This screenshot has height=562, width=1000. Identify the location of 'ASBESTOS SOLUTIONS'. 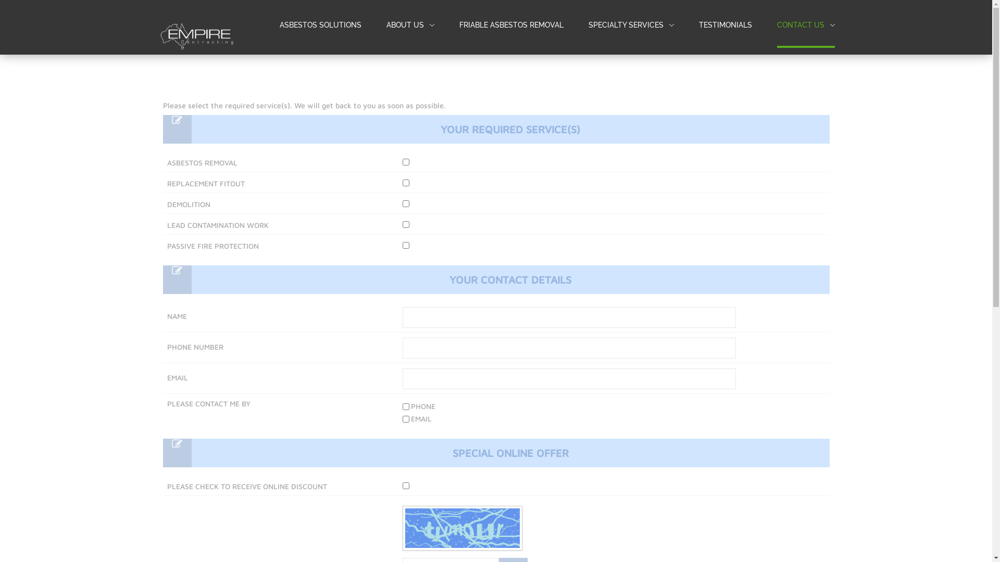
(319, 25).